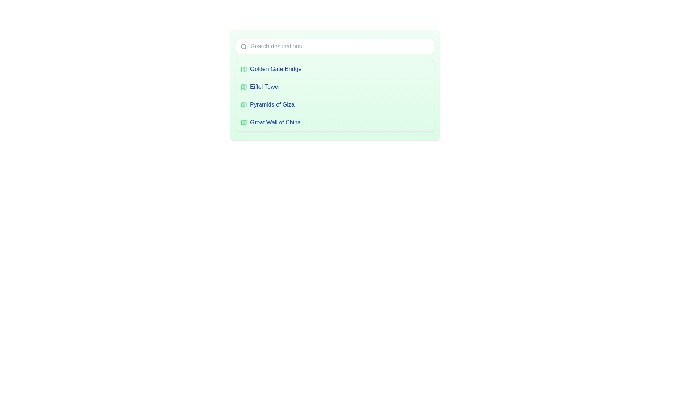  Describe the element at coordinates (244, 122) in the screenshot. I see `the map icon with a green outline located to the left of the text 'Great Wall of China'` at that location.